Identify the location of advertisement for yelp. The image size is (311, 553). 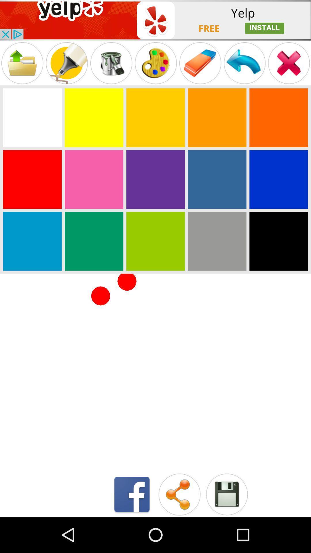
(155, 20).